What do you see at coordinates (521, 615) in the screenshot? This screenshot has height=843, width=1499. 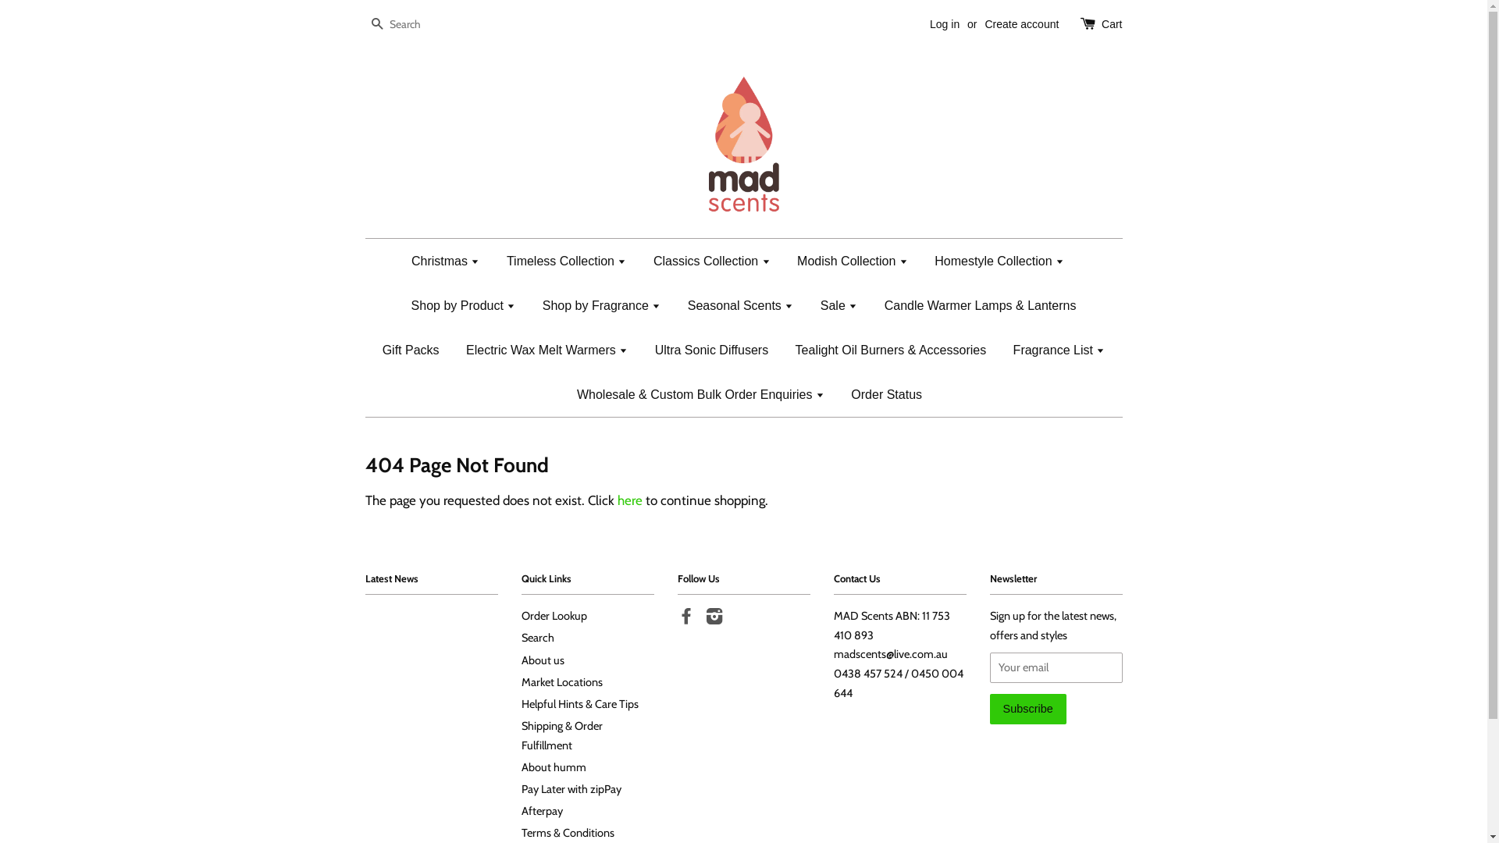 I see `'Order Lookup'` at bounding box center [521, 615].